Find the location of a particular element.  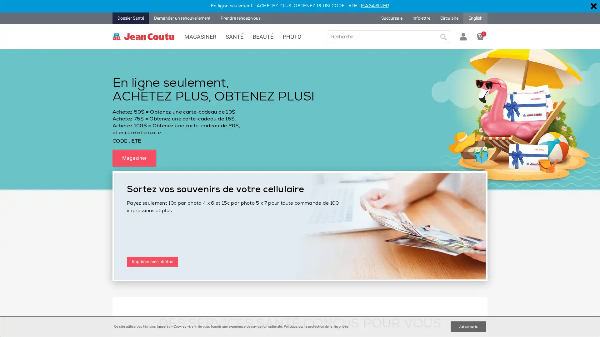

learn more about cookies is located at coordinates (316, 326).